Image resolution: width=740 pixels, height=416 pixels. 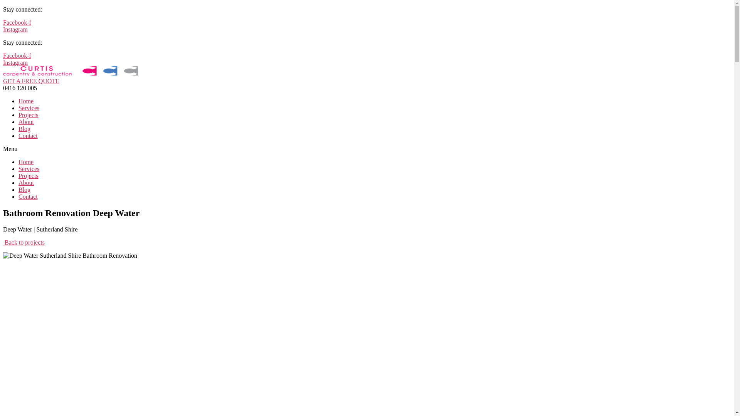 I want to click on 'Services', so click(x=29, y=108).